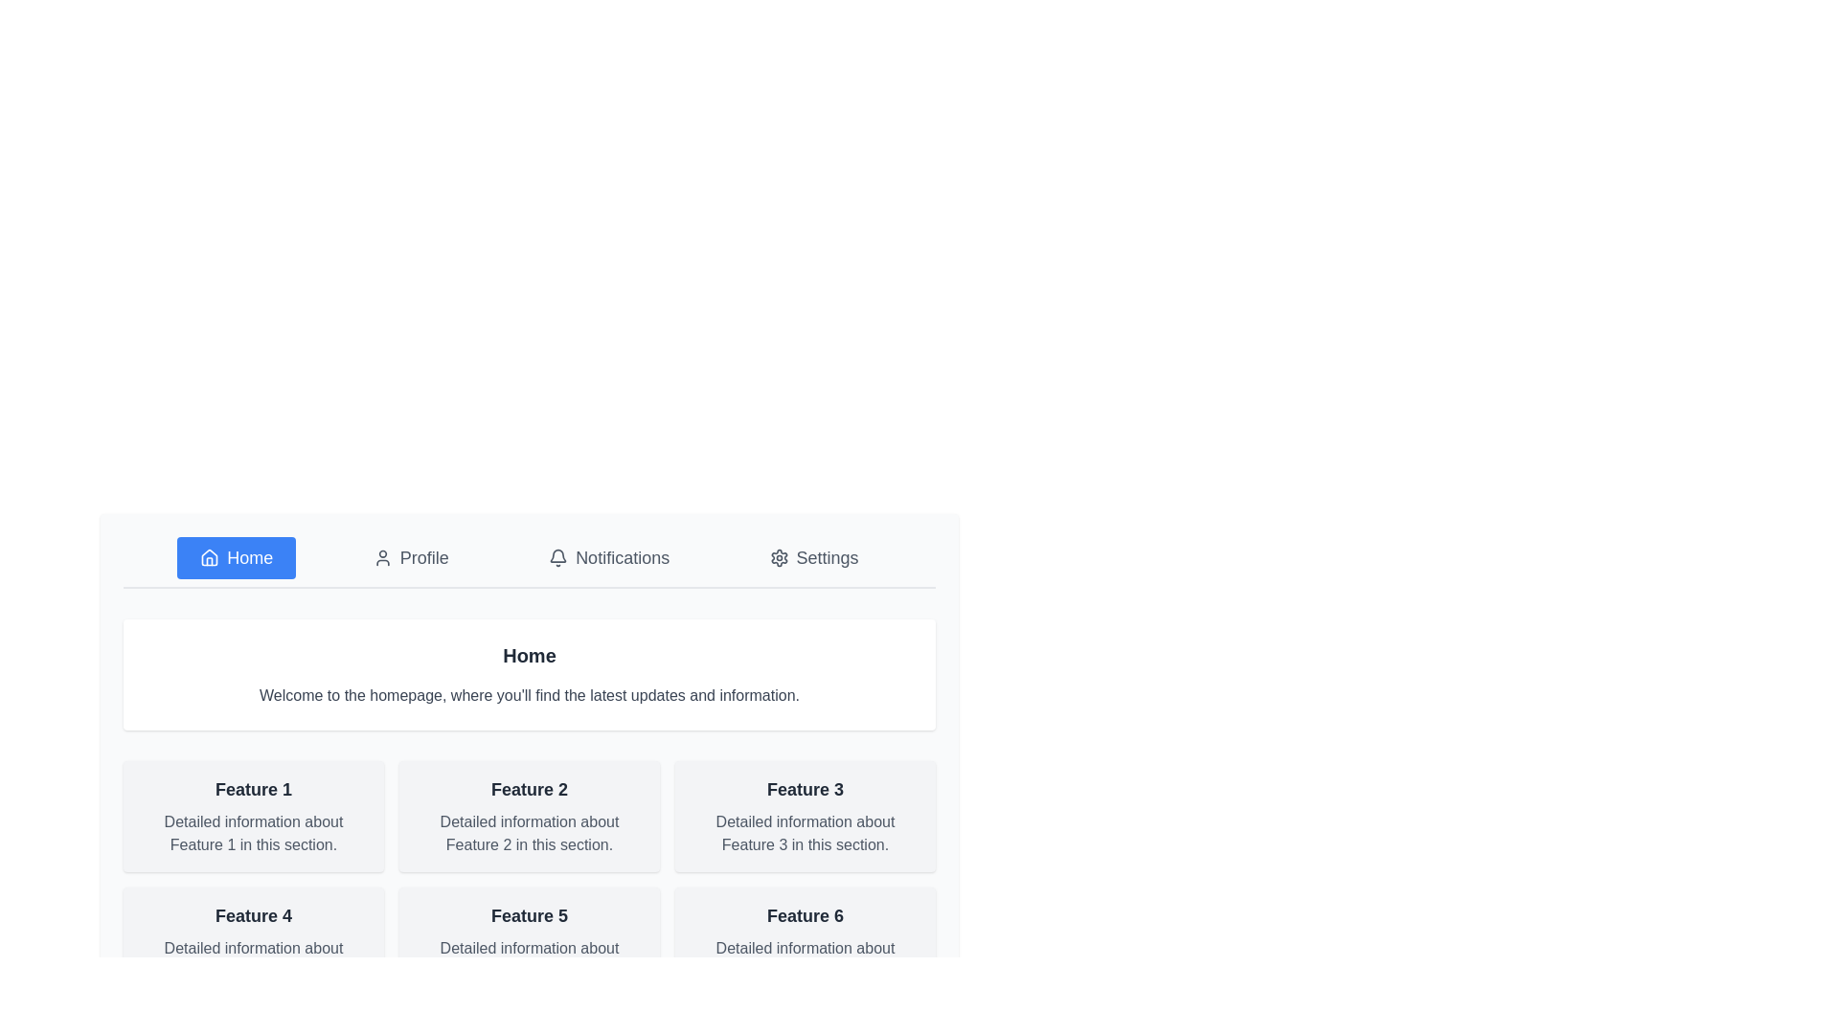  I want to click on information displayed on the detailed informational card for 'Feature 4', located in the second row, first column of the grid layout, so click(252, 941).